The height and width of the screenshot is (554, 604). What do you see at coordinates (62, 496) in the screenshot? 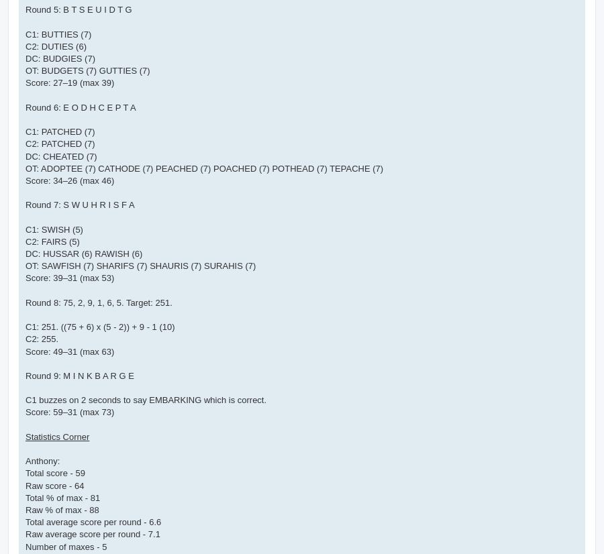
I see `'Total % of max - 81'` at bounding box center [62, 496].